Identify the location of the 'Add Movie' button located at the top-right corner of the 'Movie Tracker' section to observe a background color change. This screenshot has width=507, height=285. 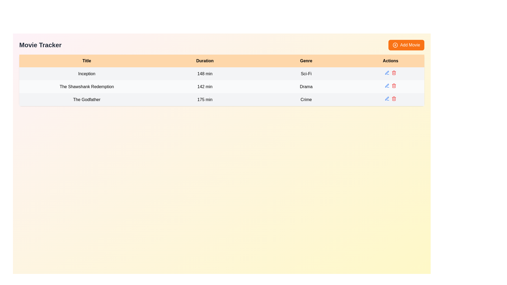
(406, 45).